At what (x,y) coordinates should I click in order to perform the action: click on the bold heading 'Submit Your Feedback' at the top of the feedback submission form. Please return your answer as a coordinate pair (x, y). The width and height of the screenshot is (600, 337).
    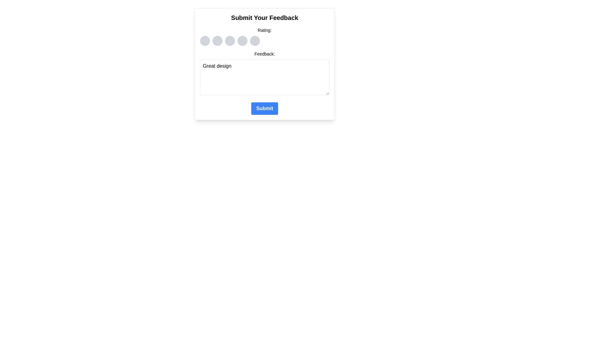
    Looking at the image, I should click on (264, 17).